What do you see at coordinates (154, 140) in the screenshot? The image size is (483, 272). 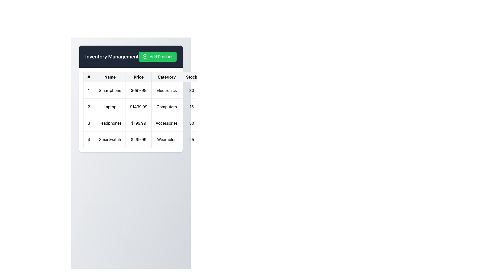 I see `the fourth row in the data table that presents information about a specific product, located below the rows for Smartphone, Laptop, and Headphones` at bounding box center [154, 140].